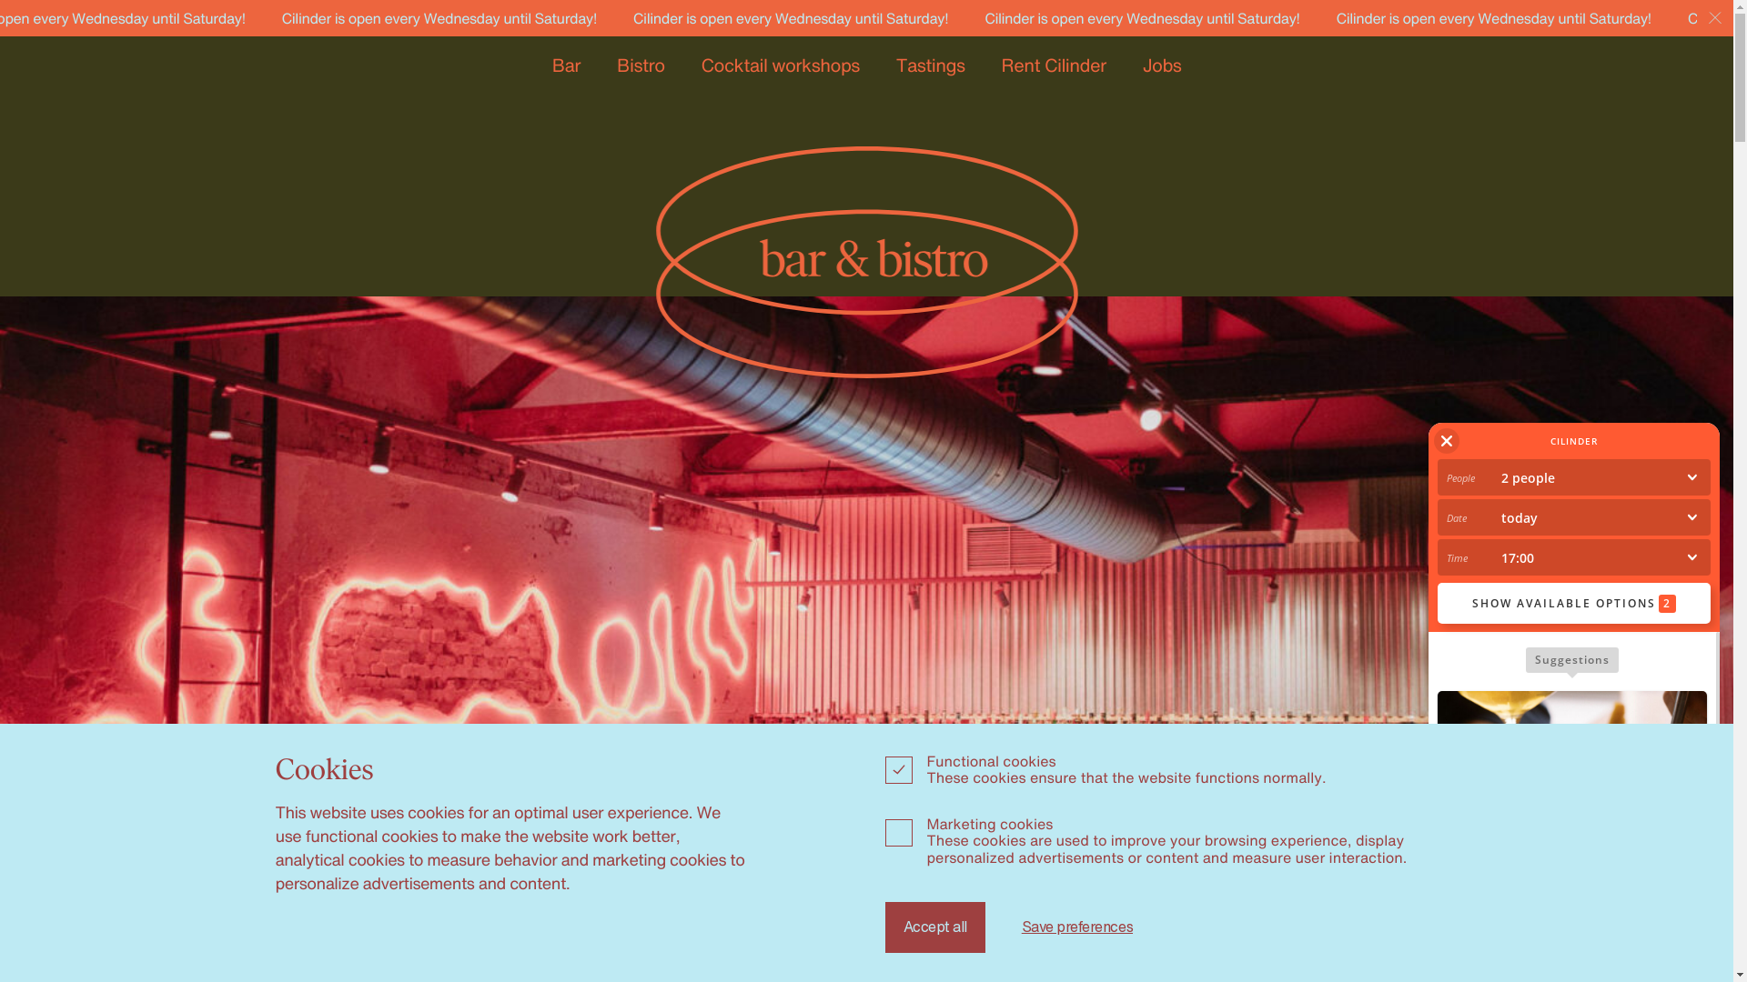  Describe the element at coordinates (550, 64) in the screenshot. I see `'Bar'` at that location.